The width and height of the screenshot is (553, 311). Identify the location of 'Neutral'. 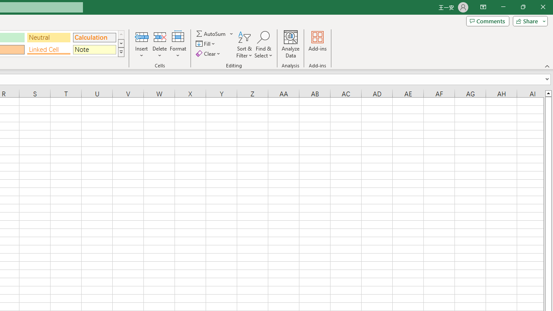
(48, 37).